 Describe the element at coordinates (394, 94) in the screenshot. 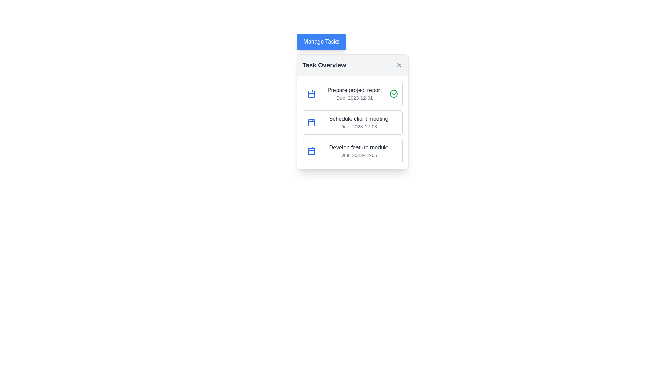

I see `the green circular icon with a check mark inside, located within the first list item of the 'Task Overview' card, aligned with the text 'Prepare project report'` at that location.